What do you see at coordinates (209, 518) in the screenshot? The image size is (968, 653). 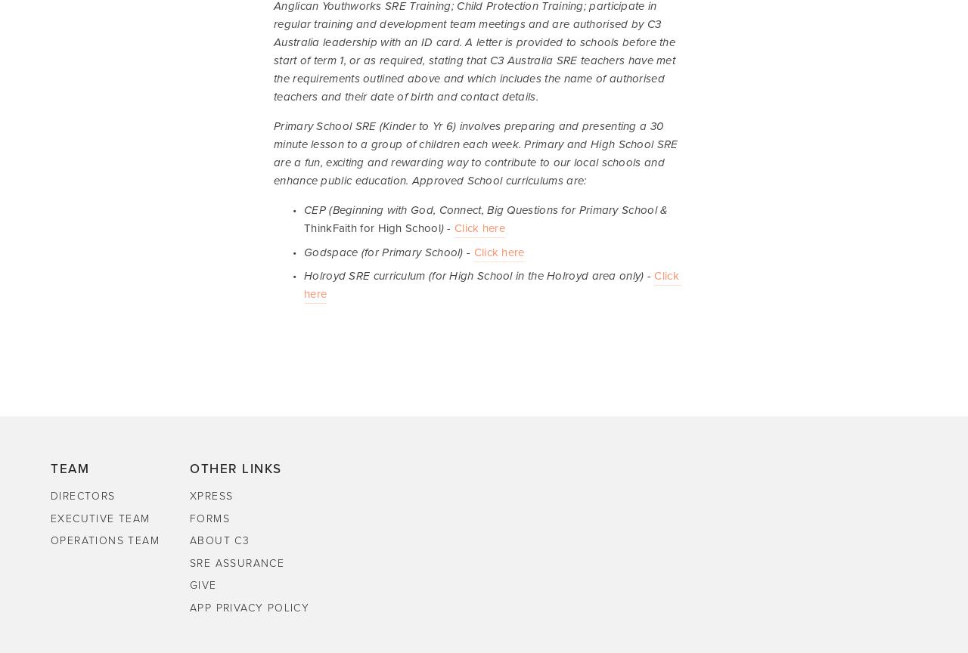 I see `'Forms'` at bounding box center [209, 518].